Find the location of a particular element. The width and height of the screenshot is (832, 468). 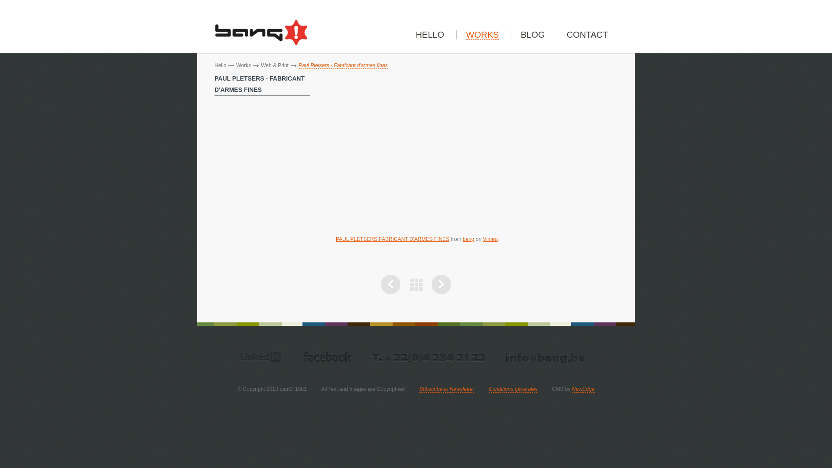

'Works' is located at coordinates (243, 65).